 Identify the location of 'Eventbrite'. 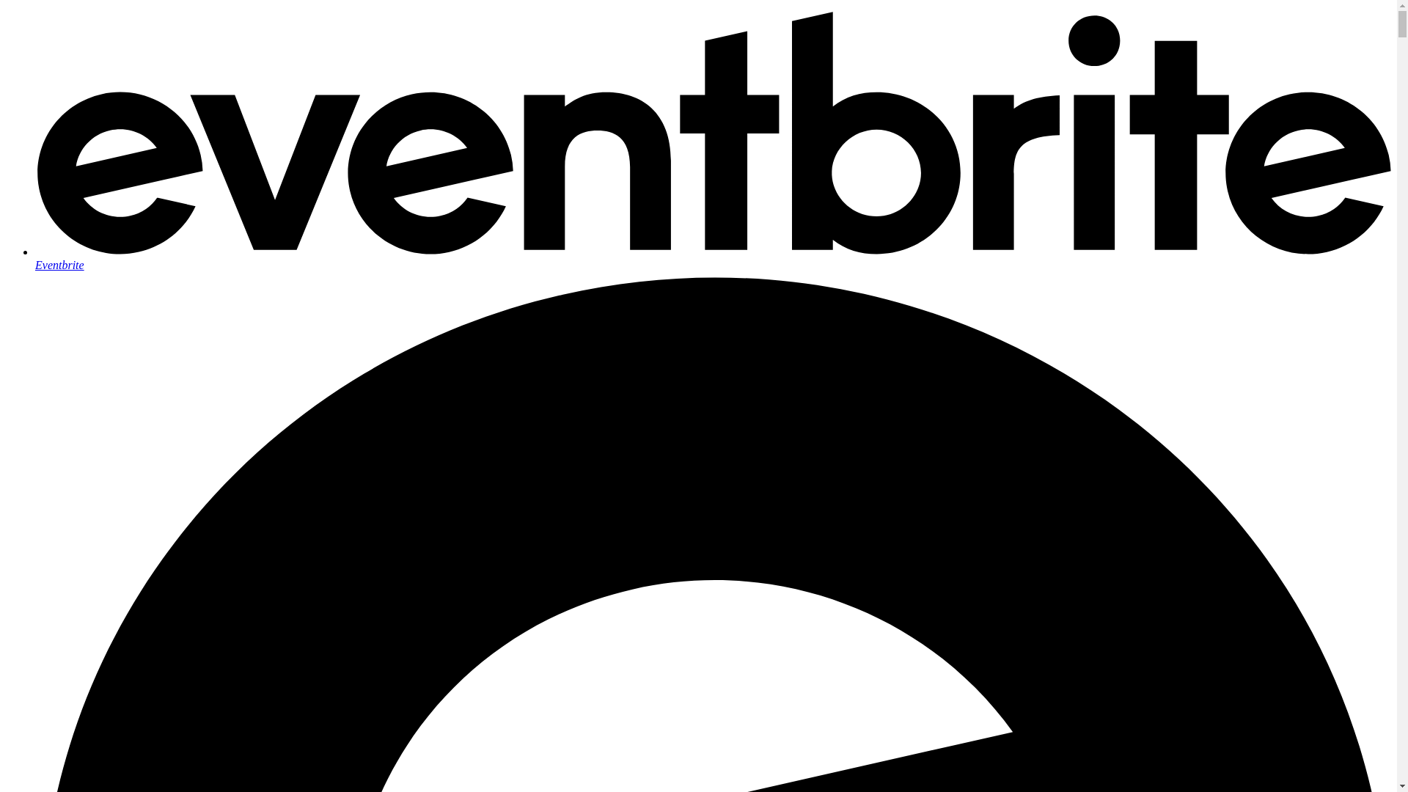
(713, 257).